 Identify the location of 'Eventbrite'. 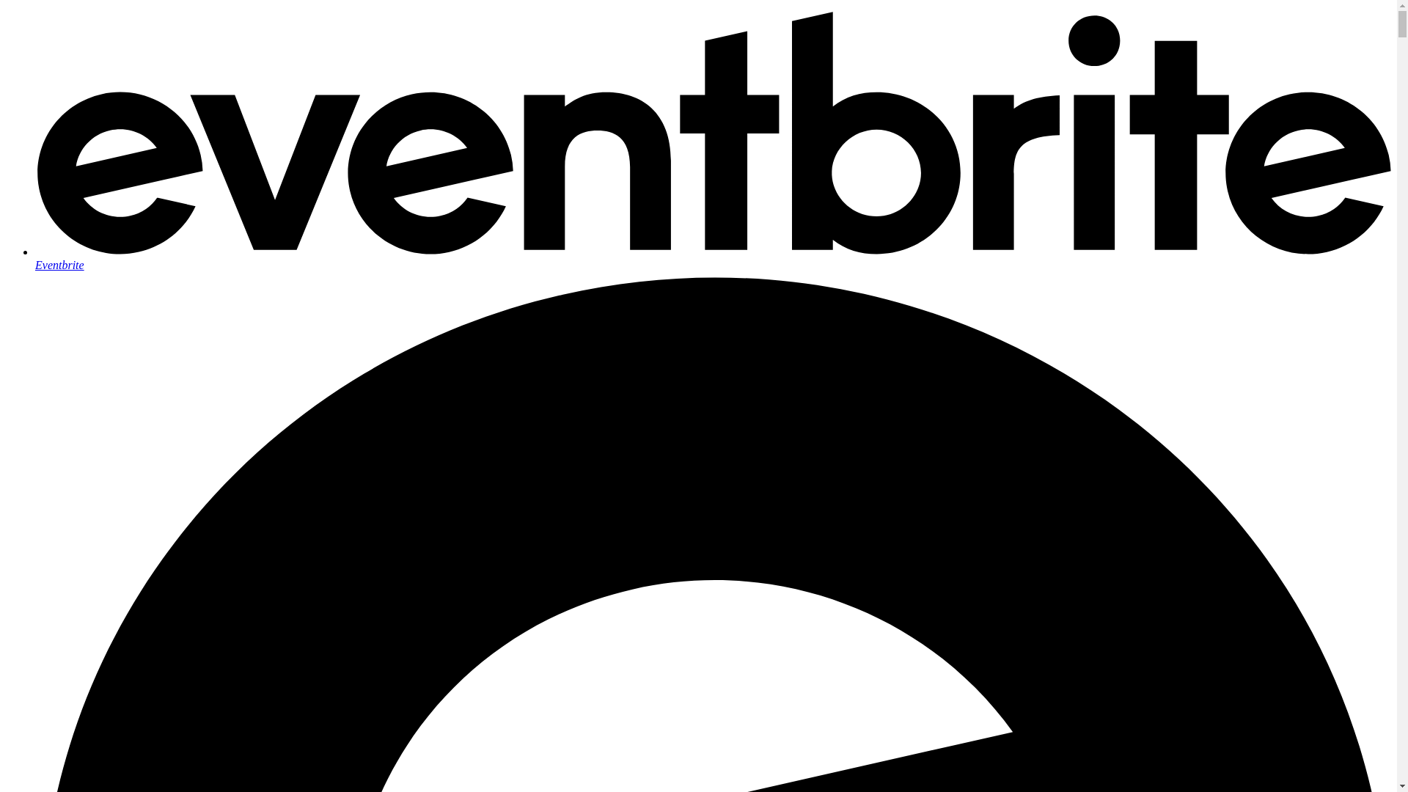
(713, 257).